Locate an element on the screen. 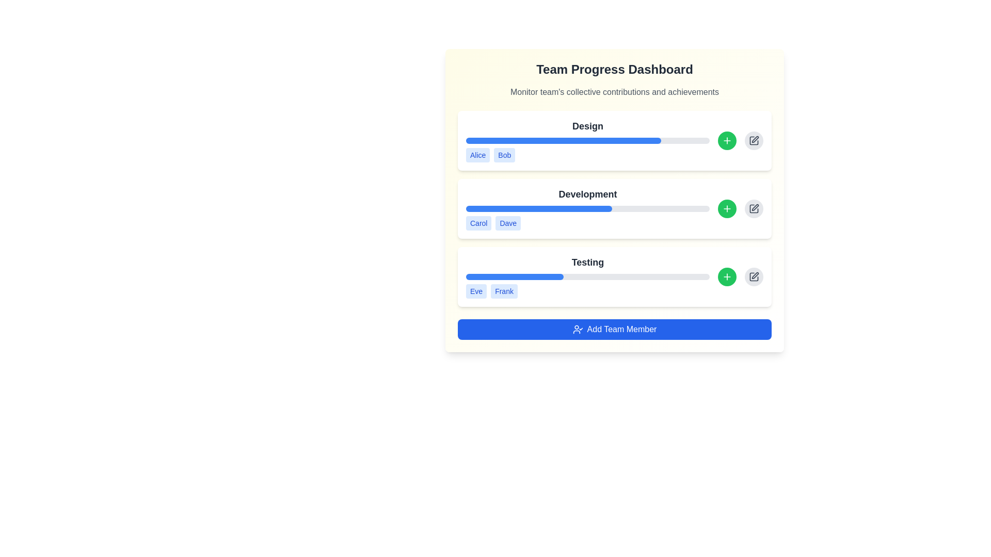 This screenshot has height=557, width=991. details of the Progress Display Section that shows the completion status of the 'Testing' team, including the progress bar and team member labels 'Eve' and 'Frank' is located at coordinates (587, 276).